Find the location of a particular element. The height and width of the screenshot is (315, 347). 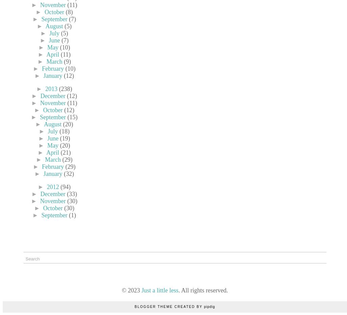

'. All rights reserved.' is located at coordinates (203, 290).